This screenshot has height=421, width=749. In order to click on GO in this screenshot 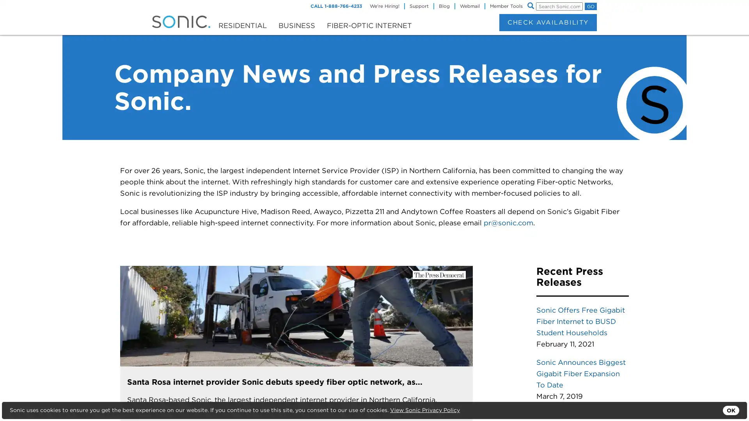, I will do `click(591, 6)`.